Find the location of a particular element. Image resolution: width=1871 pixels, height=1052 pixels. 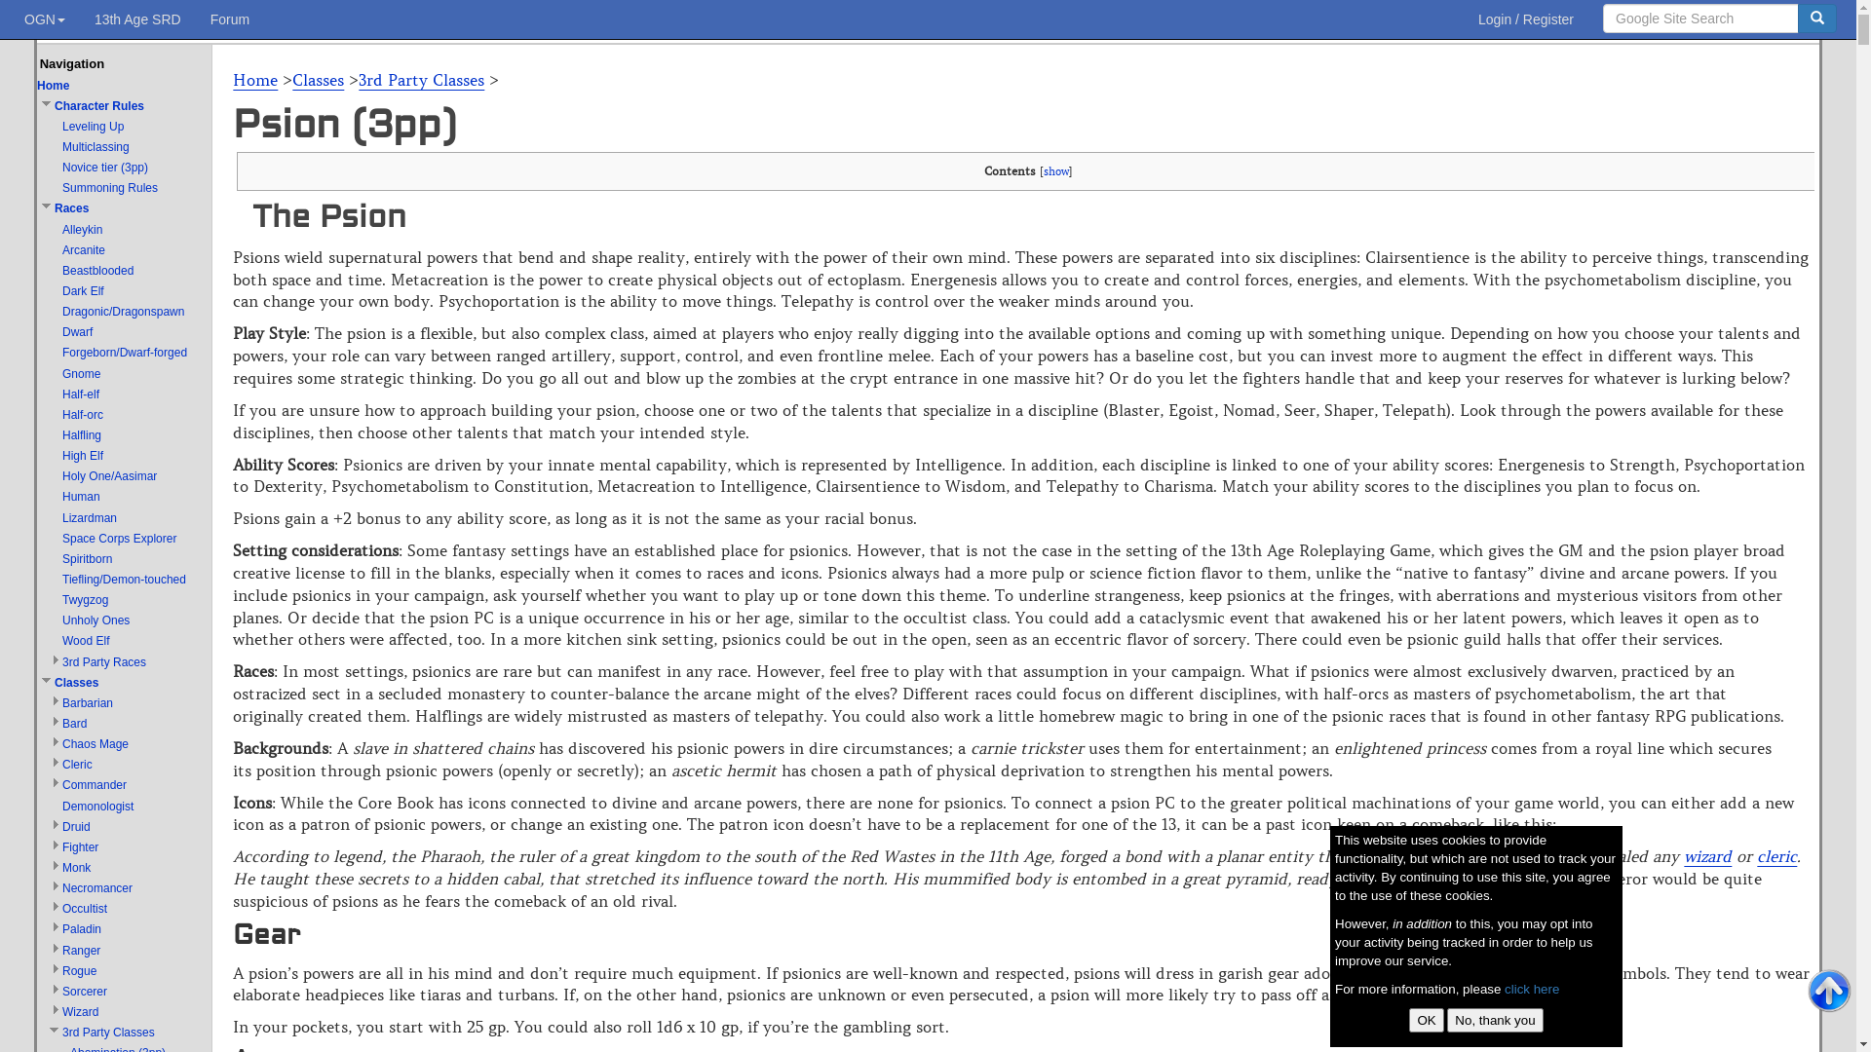

'Holy One/Aasimar' is located at coordinates (108, 476).